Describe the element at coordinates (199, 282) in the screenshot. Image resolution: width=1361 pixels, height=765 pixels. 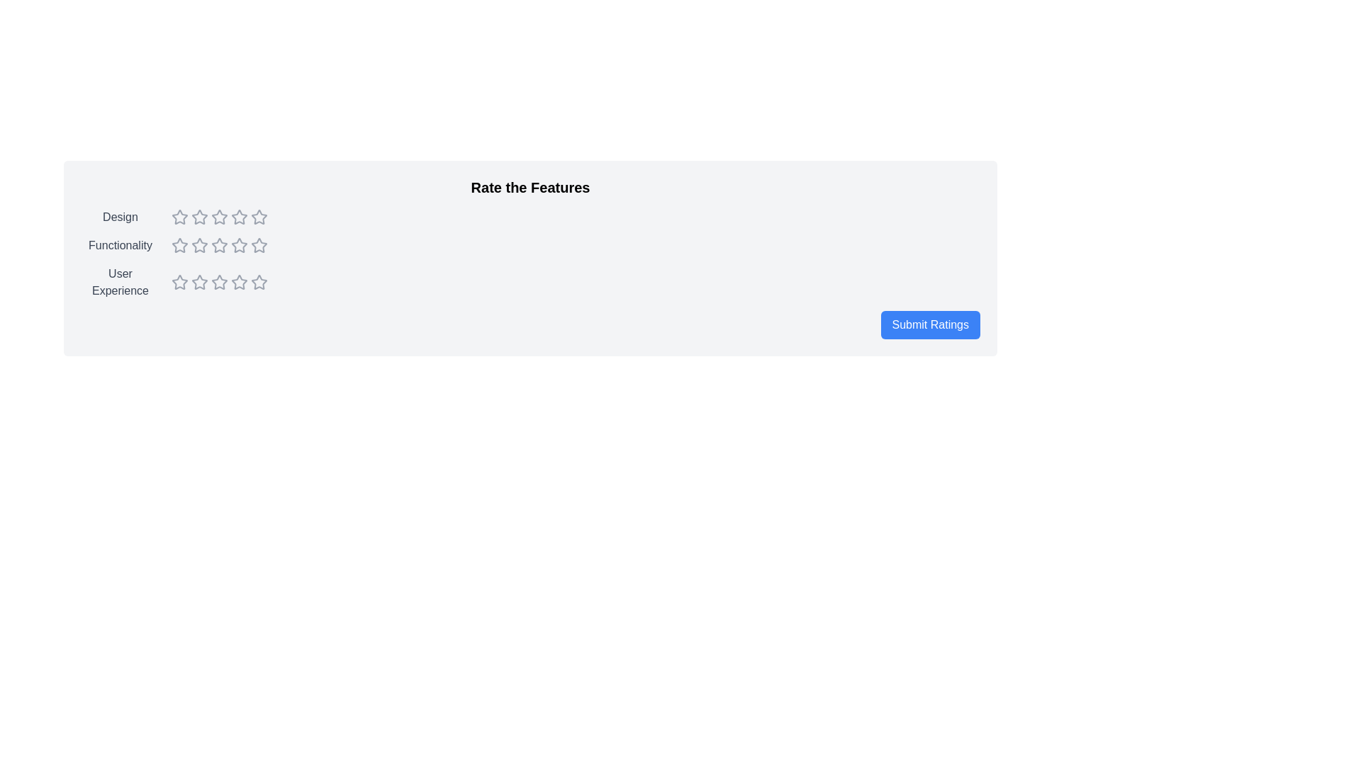
I see `the second hollow star icon in the 'User Experience' category to change the rating` at that location.